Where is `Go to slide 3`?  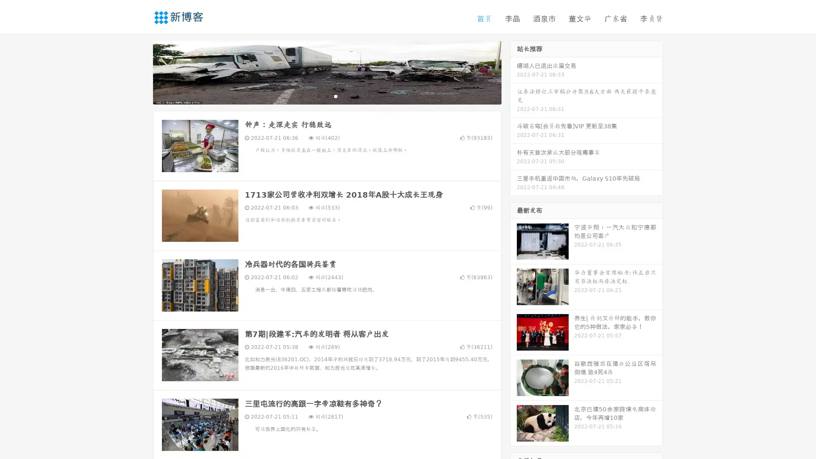
Go to slide 3 is located at coordinates (335, 96).